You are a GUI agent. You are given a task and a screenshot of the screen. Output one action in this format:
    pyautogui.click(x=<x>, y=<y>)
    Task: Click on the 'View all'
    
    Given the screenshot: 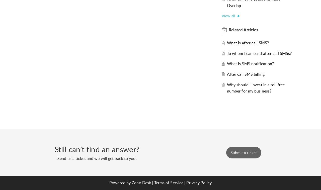 What is the action you would take?
    pyautogui.click(x=228, y=15)
    